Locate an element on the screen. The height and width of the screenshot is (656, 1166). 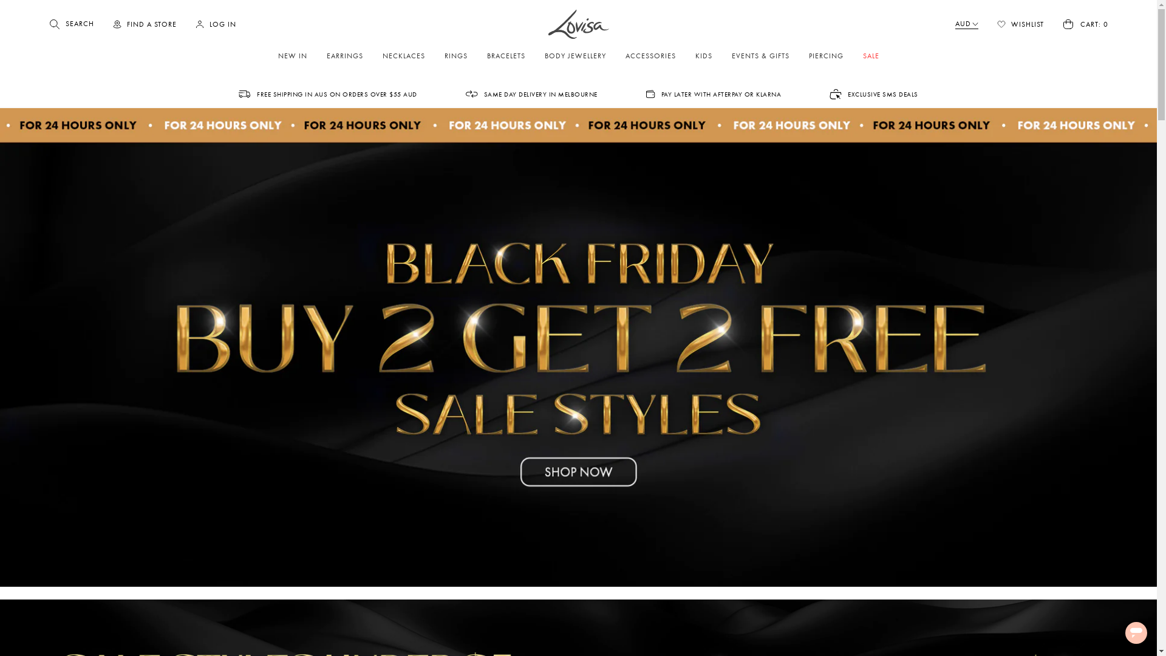
'KIDS' is located at coordinates (703, 56).